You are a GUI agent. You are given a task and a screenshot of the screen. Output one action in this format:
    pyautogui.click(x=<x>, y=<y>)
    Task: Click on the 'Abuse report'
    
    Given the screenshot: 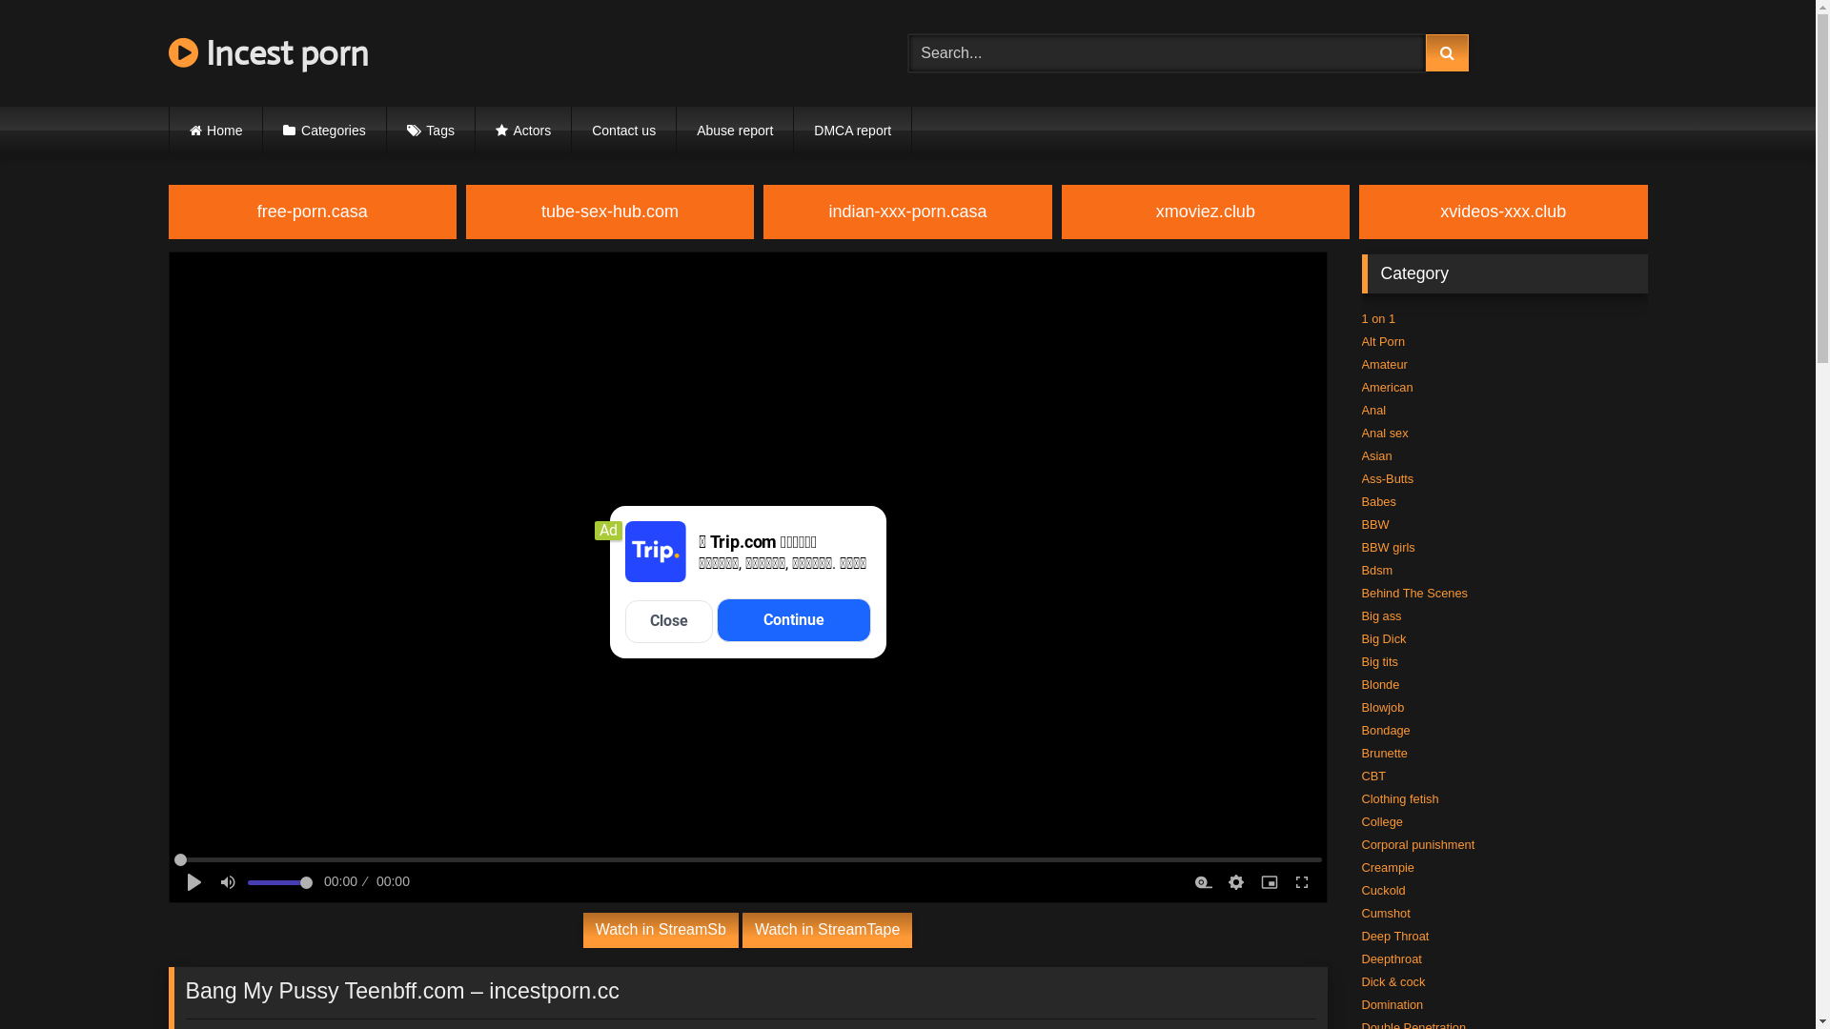 What is the action you would take?
    pyautogui.click(x=677, y=130)
    